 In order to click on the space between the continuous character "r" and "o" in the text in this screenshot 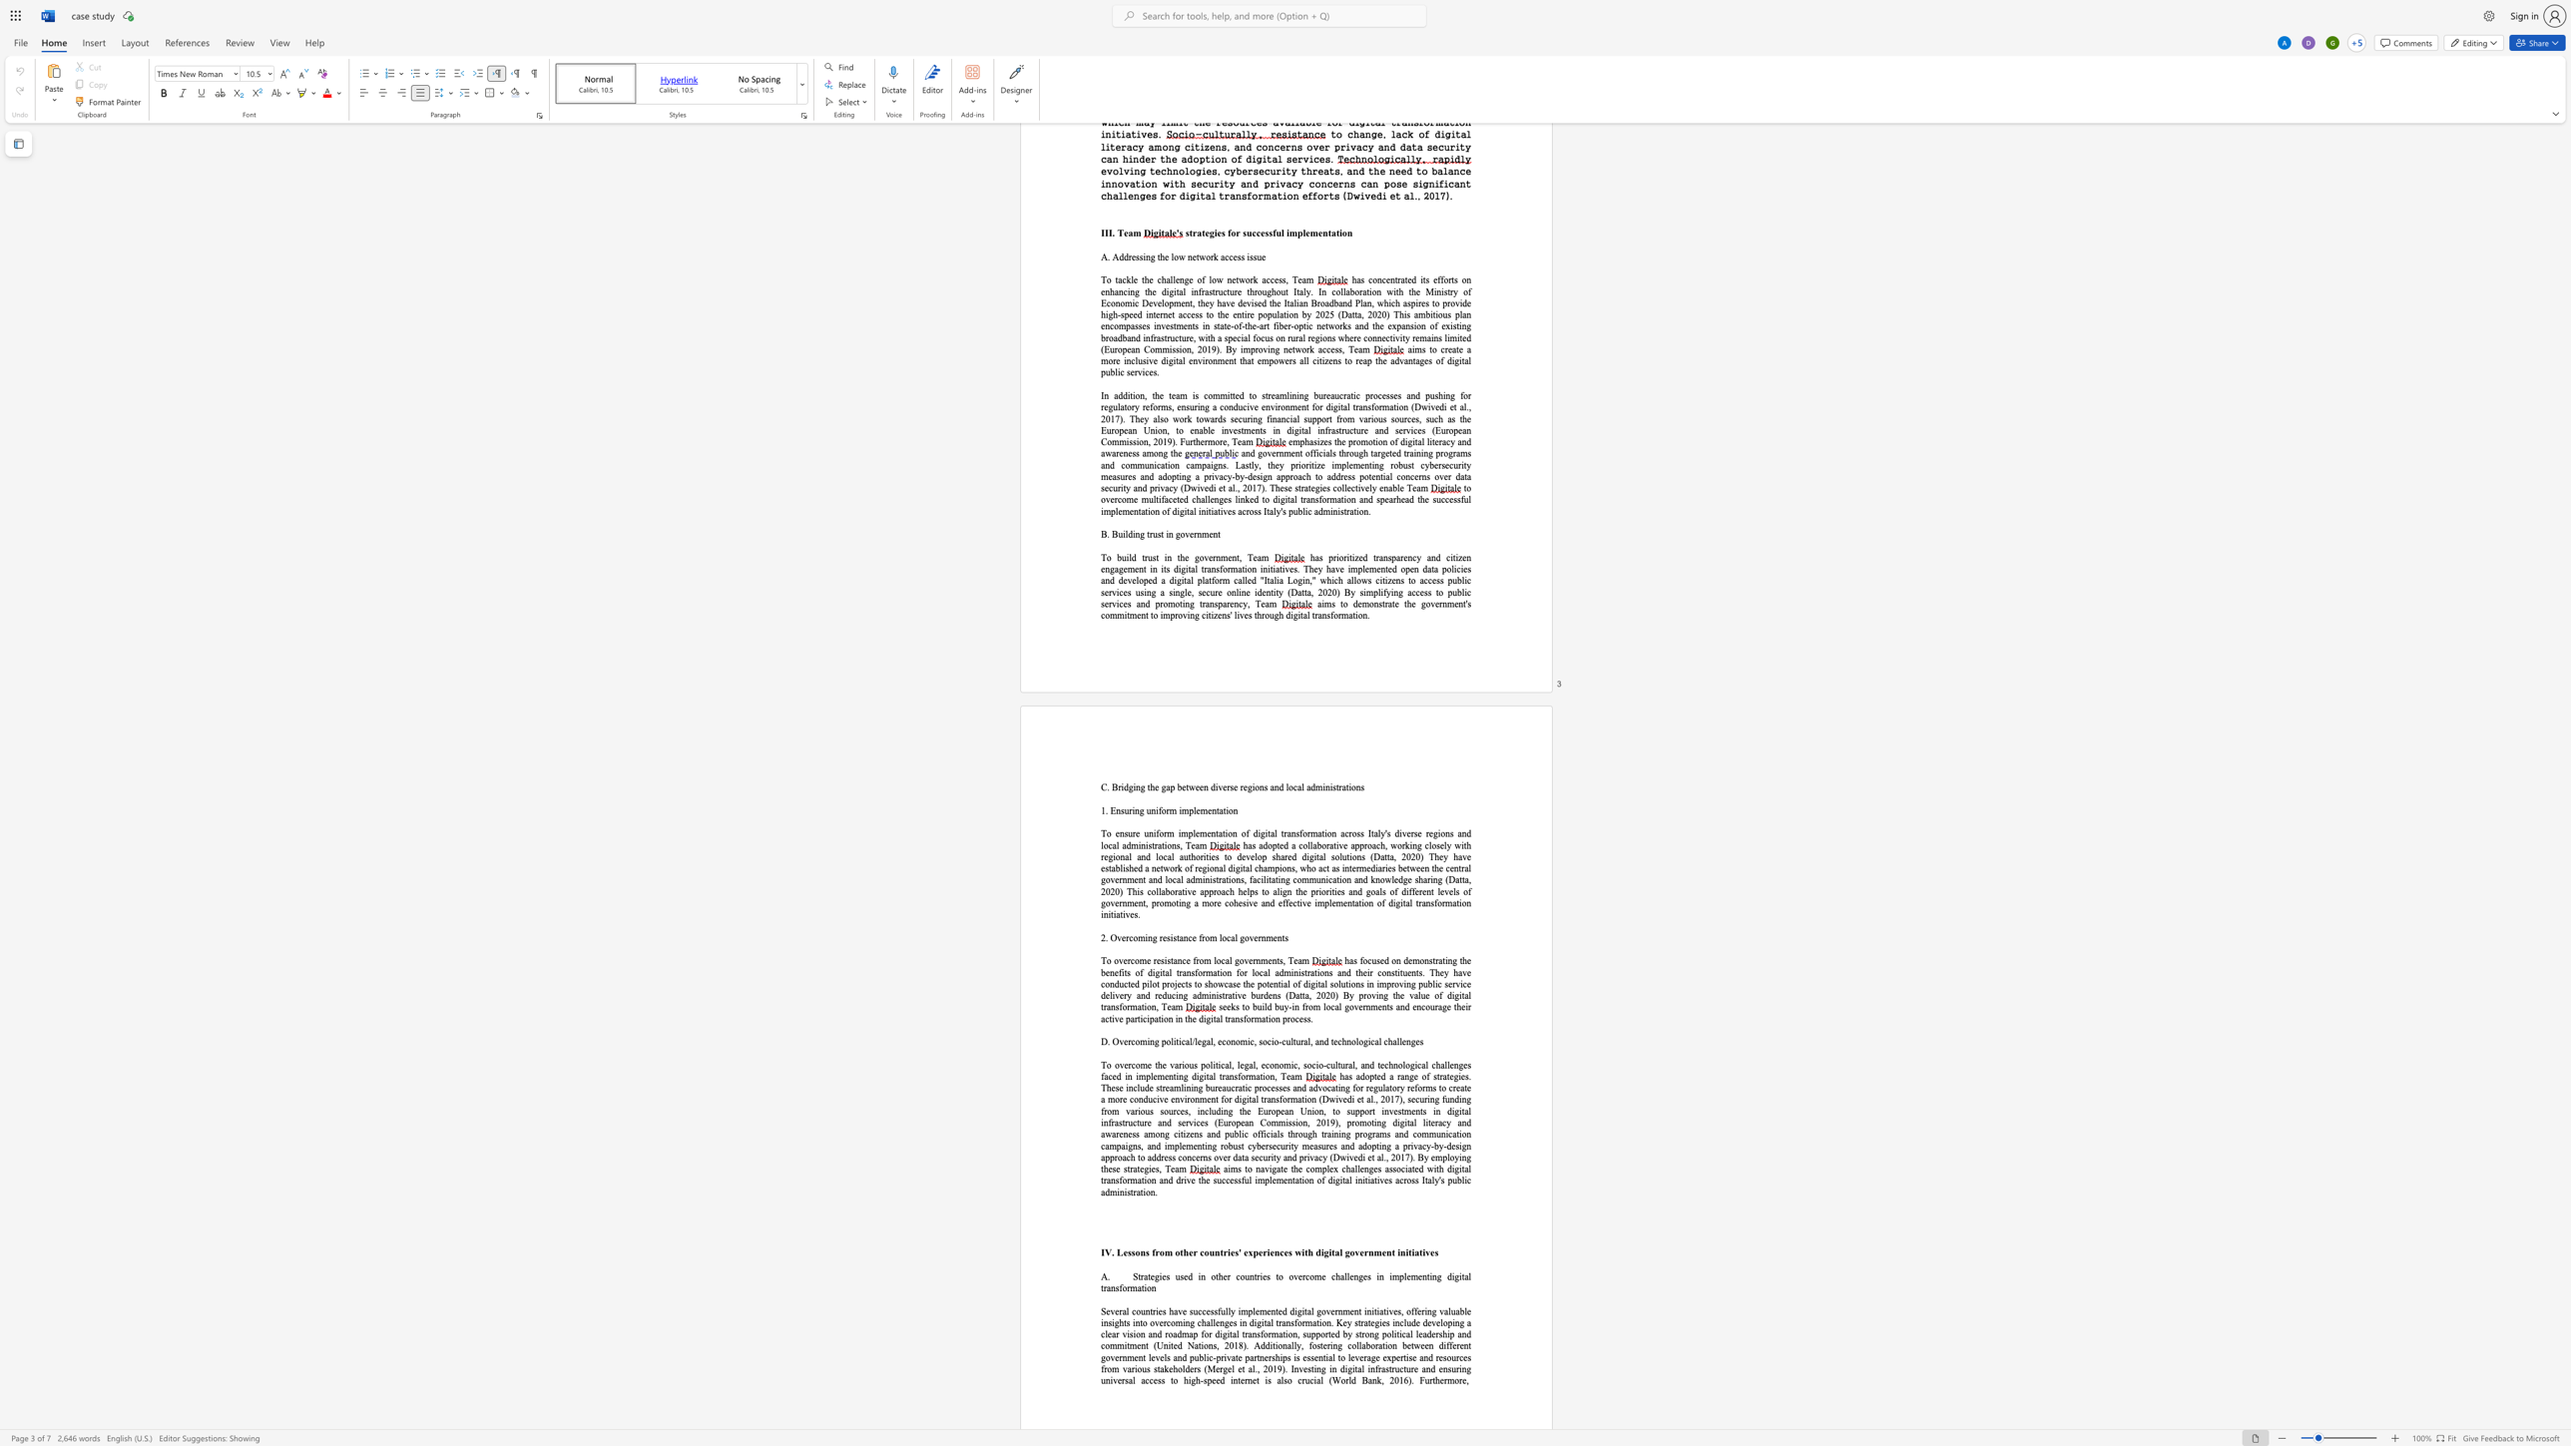, I will do `click(1108, 1368)`.